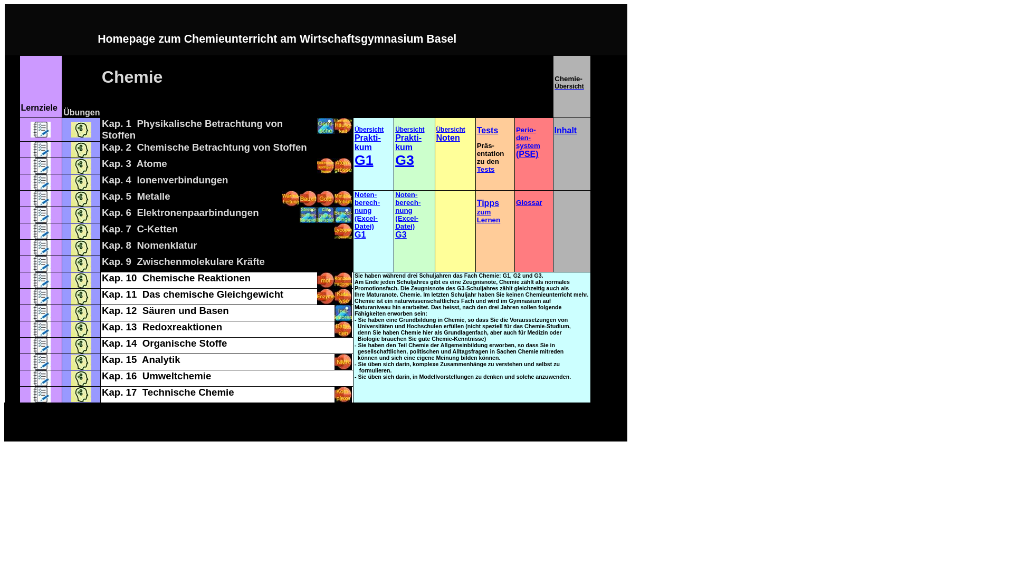 This screenshot has height=569, width=1013. What do you see at coordinates (367, 207) in the screenshot?
I see `'berech-nung'` at bounding box center [367, 207].